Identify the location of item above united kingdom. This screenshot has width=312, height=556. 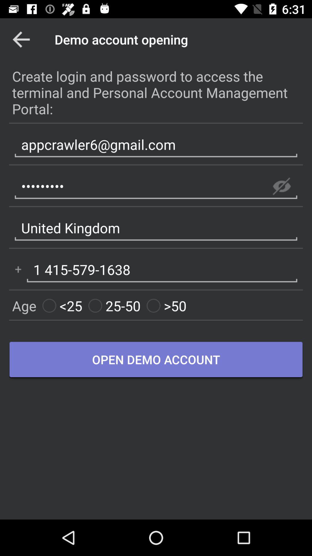
(156, 186).